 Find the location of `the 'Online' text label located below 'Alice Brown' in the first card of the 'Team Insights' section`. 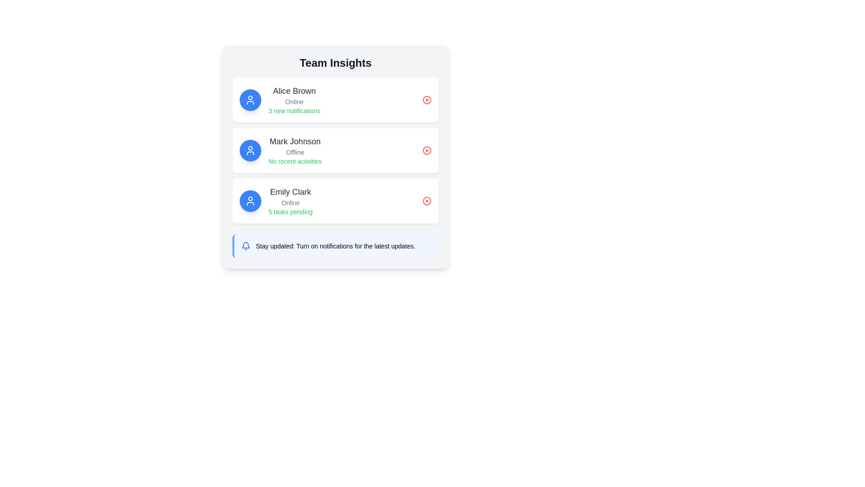

the 'Online' text label located below 'Alice Brown' in the first card of the 'Team Insights' section is located at coordinates (294, 101).